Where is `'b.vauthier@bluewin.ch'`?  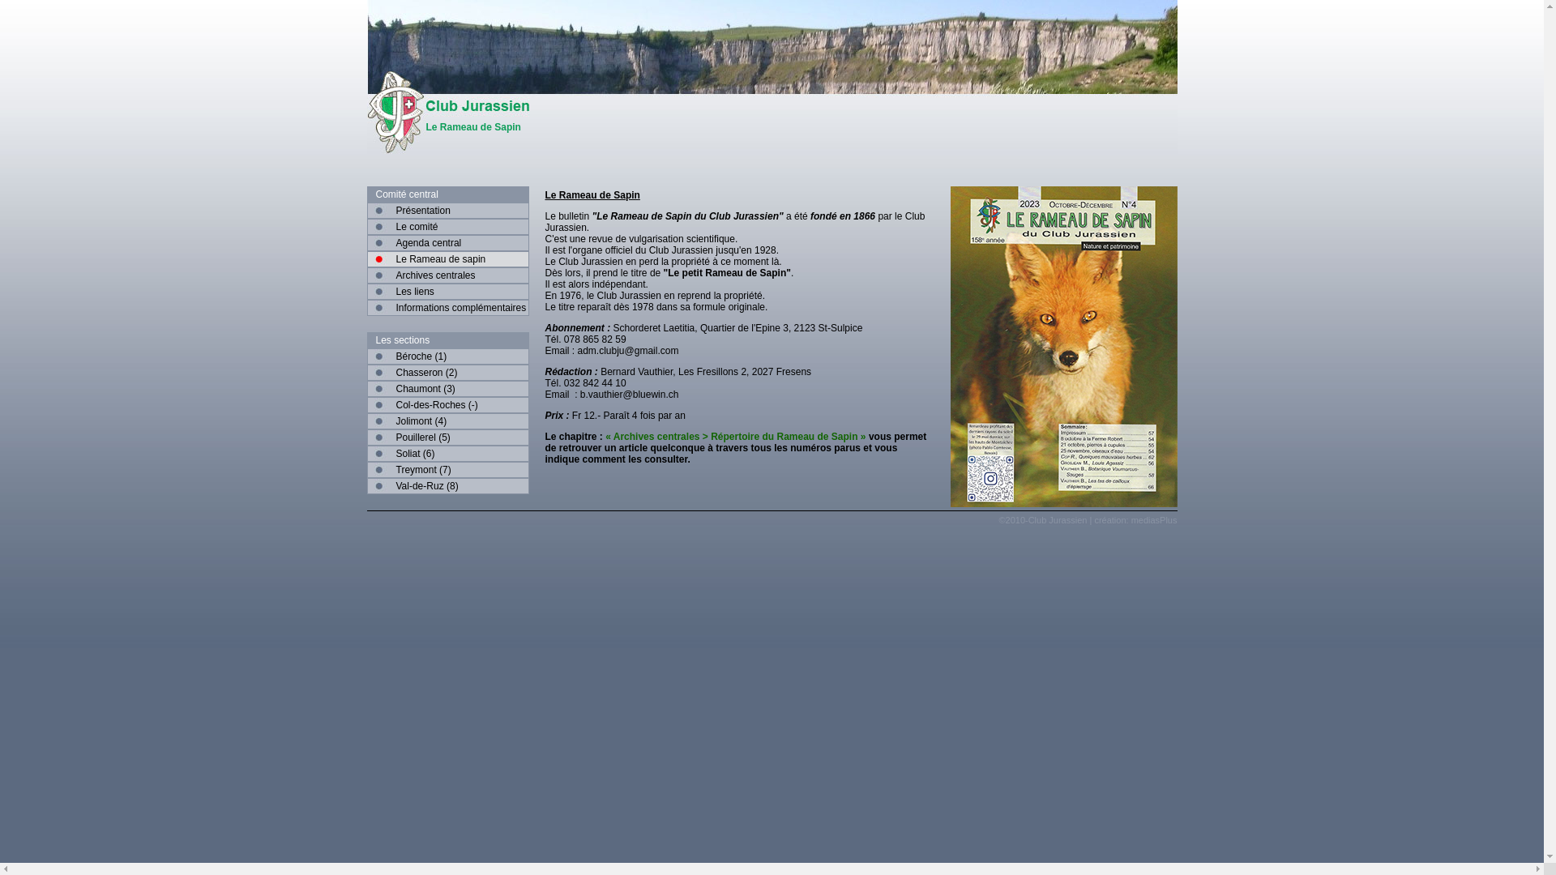 'b.vauthier@bluewin.ch' is located at coordinates (629, 394).